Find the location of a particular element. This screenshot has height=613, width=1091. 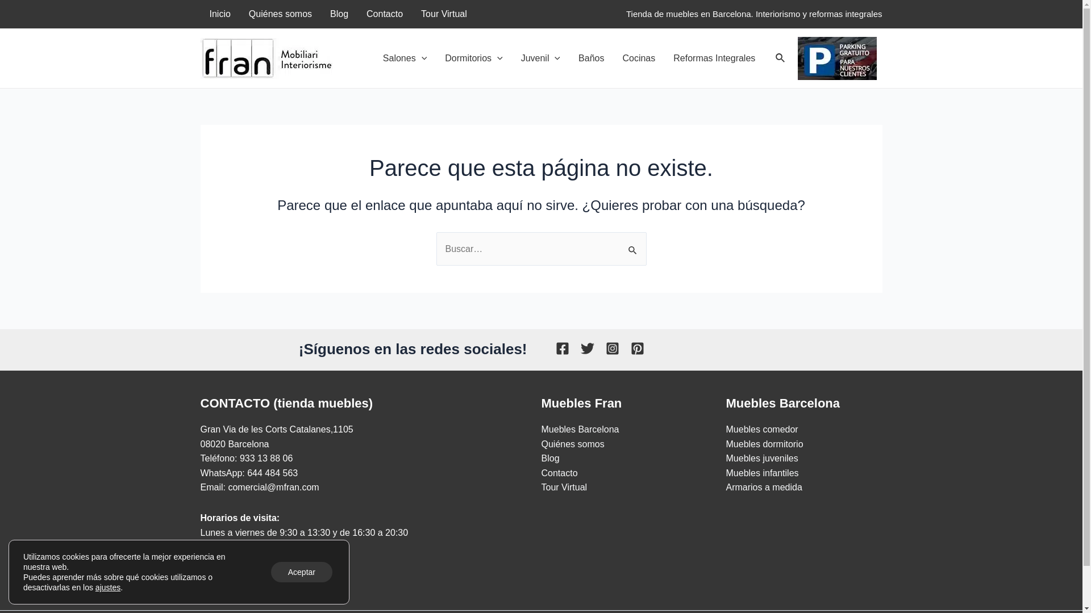

'Muebles juveniles' is located at coordinates (762, 457).